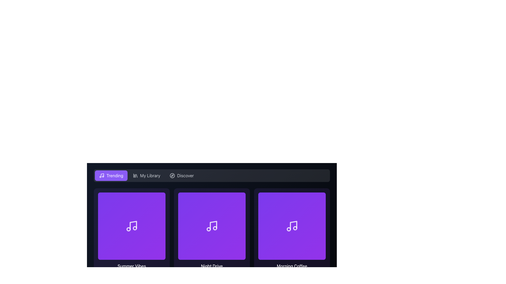 The width and height of the screenshot is (506, 284). What do you see at coordinates (114, 175) in the screenshot?
I see `the 'Trending' text label in the navigation menu` at bounding box center [114, 175].